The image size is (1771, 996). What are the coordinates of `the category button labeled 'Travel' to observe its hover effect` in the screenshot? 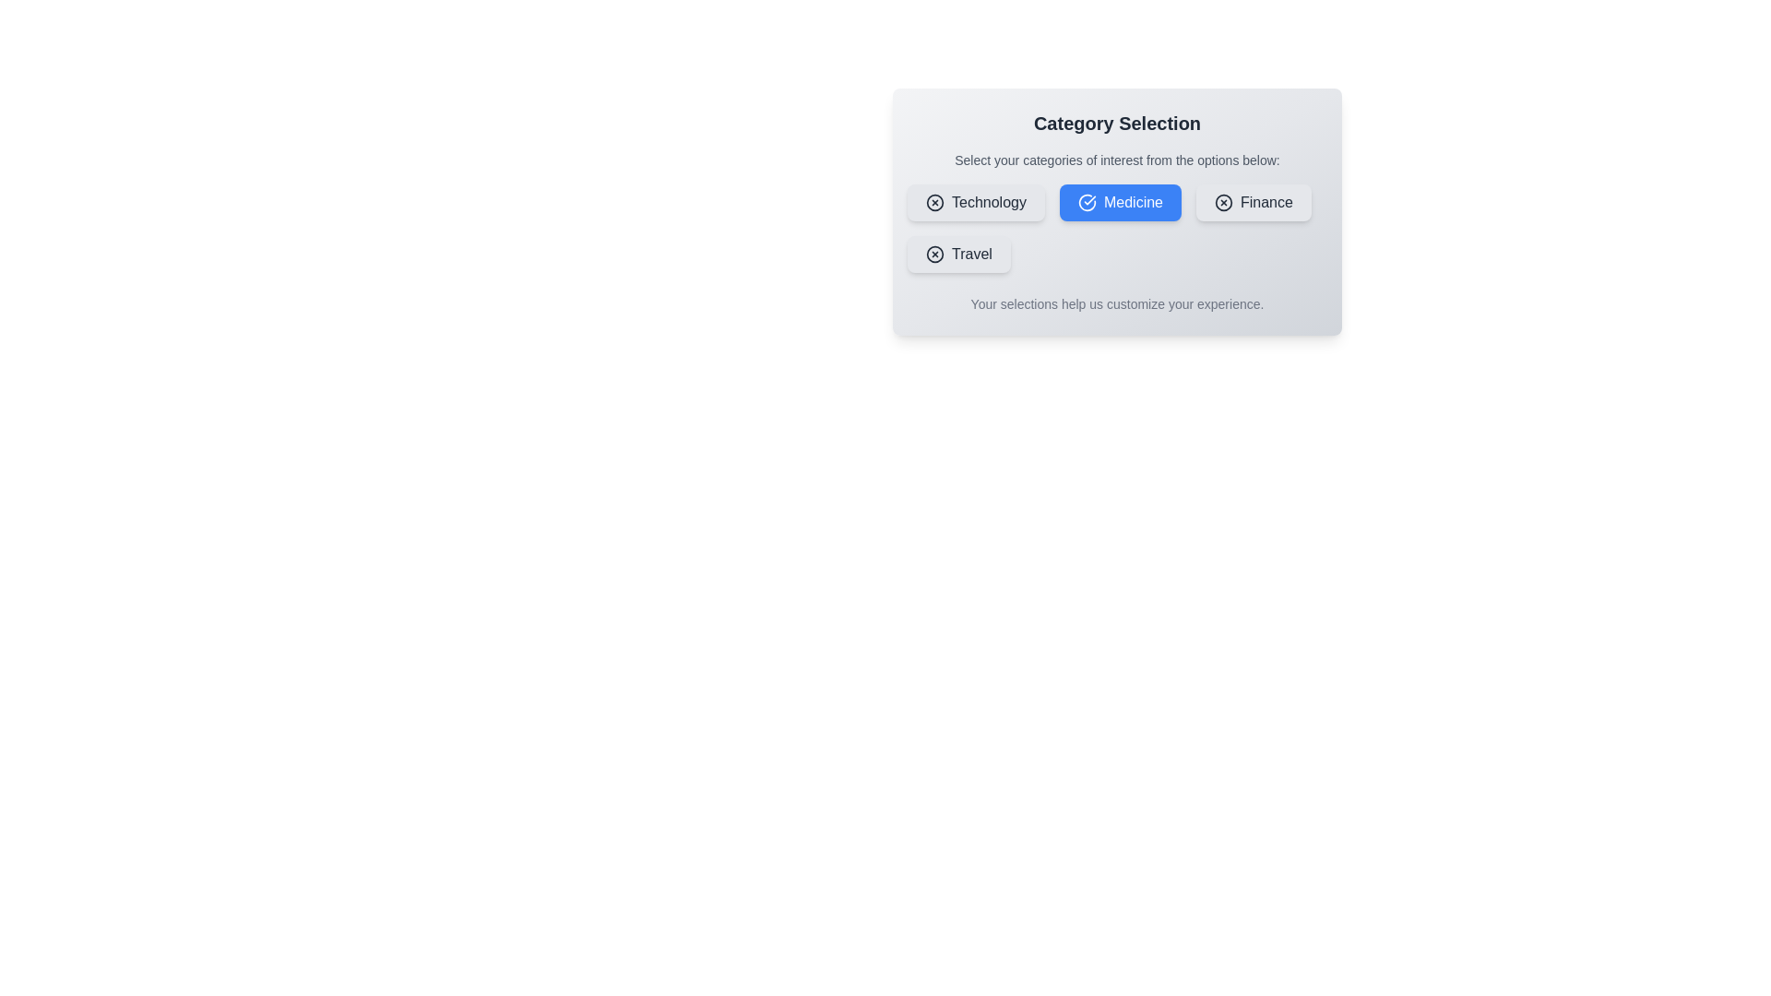 It's located at (957, 255).